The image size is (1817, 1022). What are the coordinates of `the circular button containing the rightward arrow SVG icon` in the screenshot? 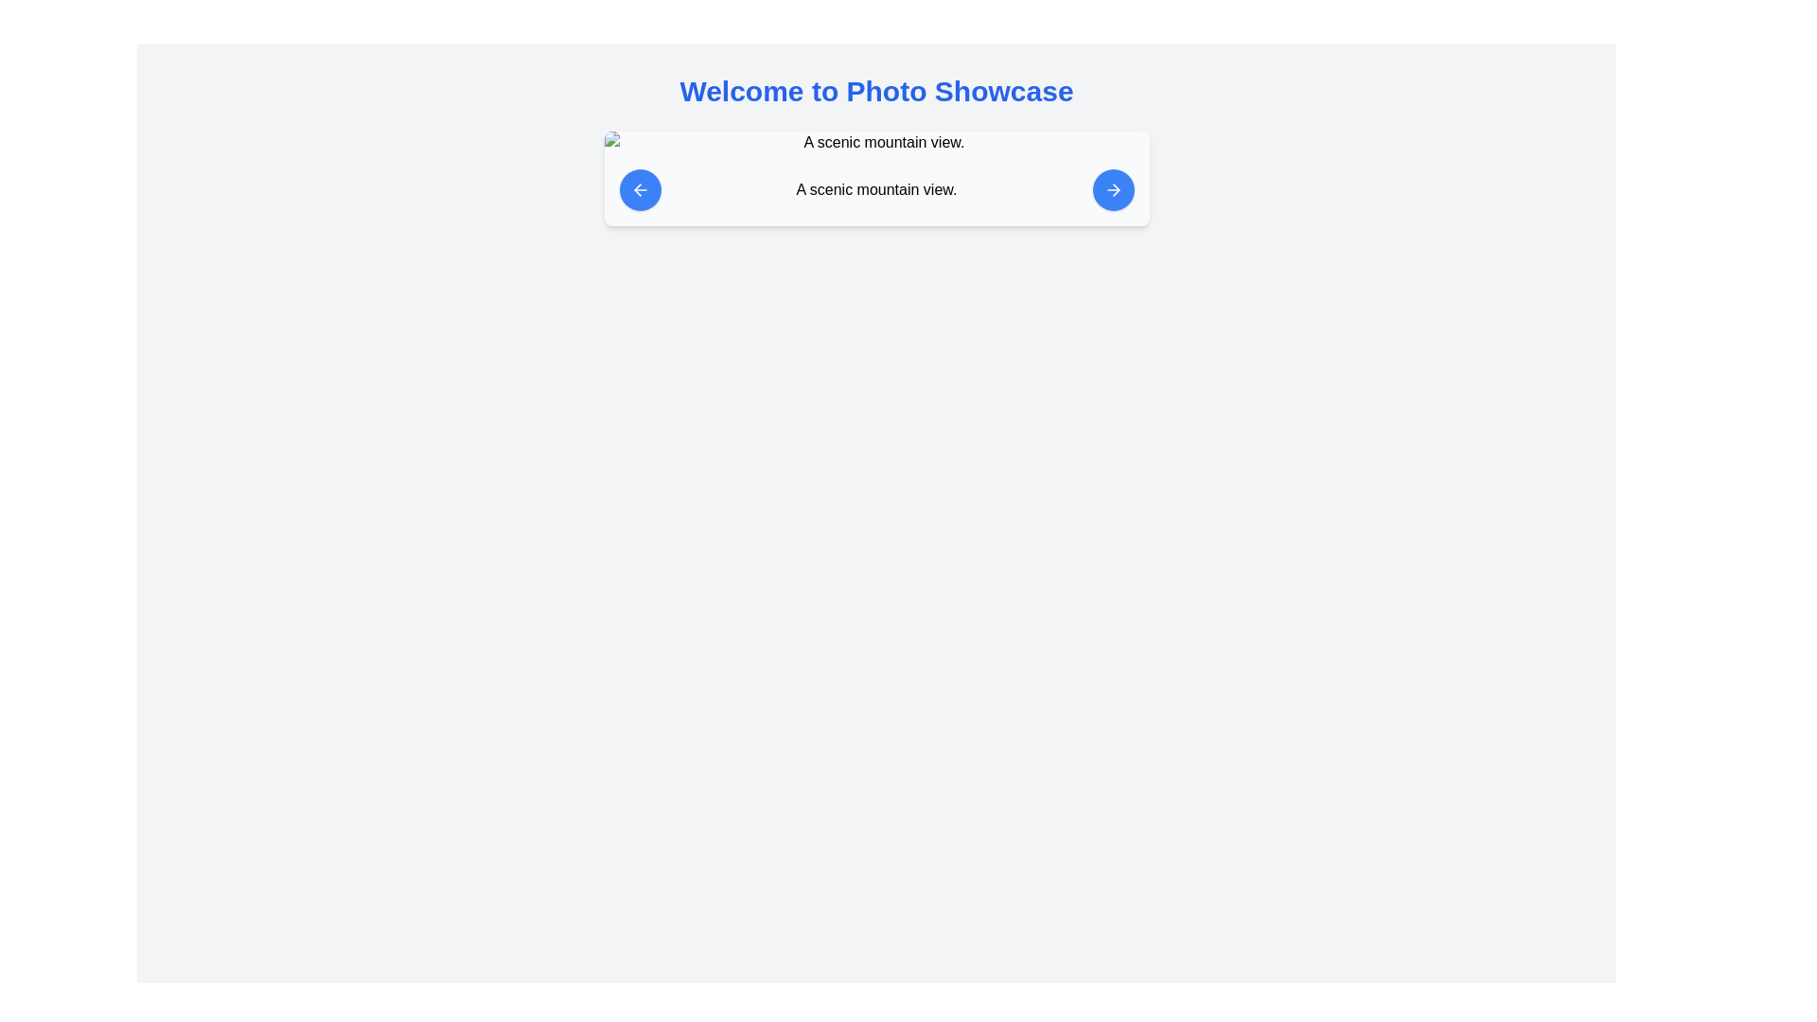 It's located at (1113, 189).